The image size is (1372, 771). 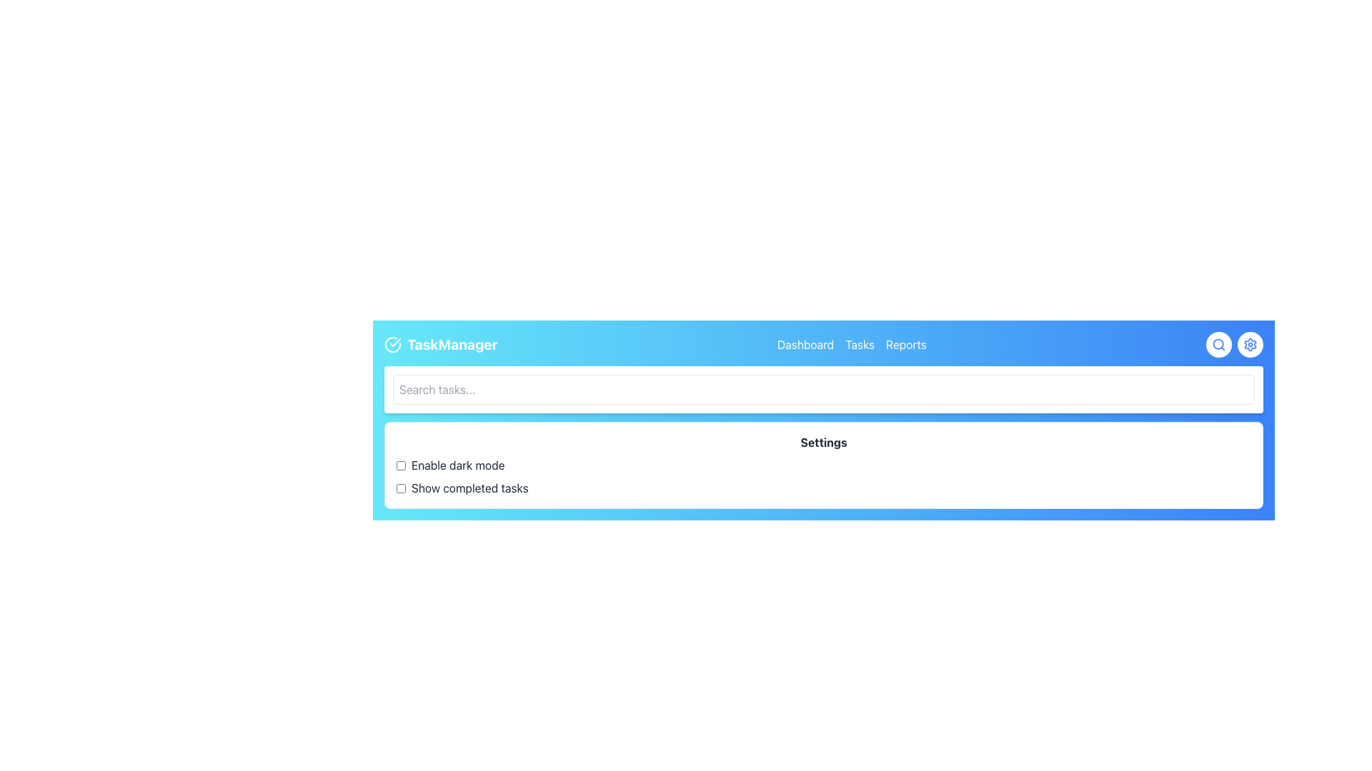 What do you see at coordinates (905, 344) in the screenshot?
I see `the 'Reports' hyperlink in the top right navigation menu` at bounding box center [905, 344].